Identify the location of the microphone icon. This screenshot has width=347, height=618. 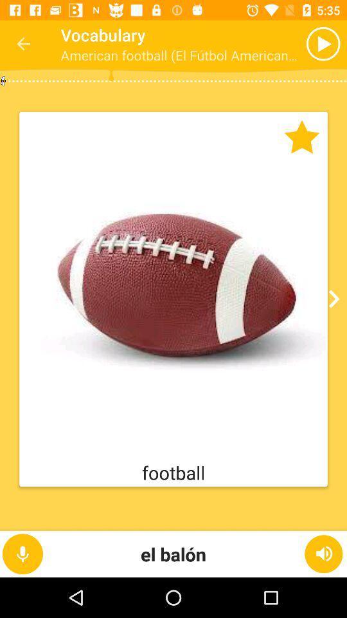
(22, 553).